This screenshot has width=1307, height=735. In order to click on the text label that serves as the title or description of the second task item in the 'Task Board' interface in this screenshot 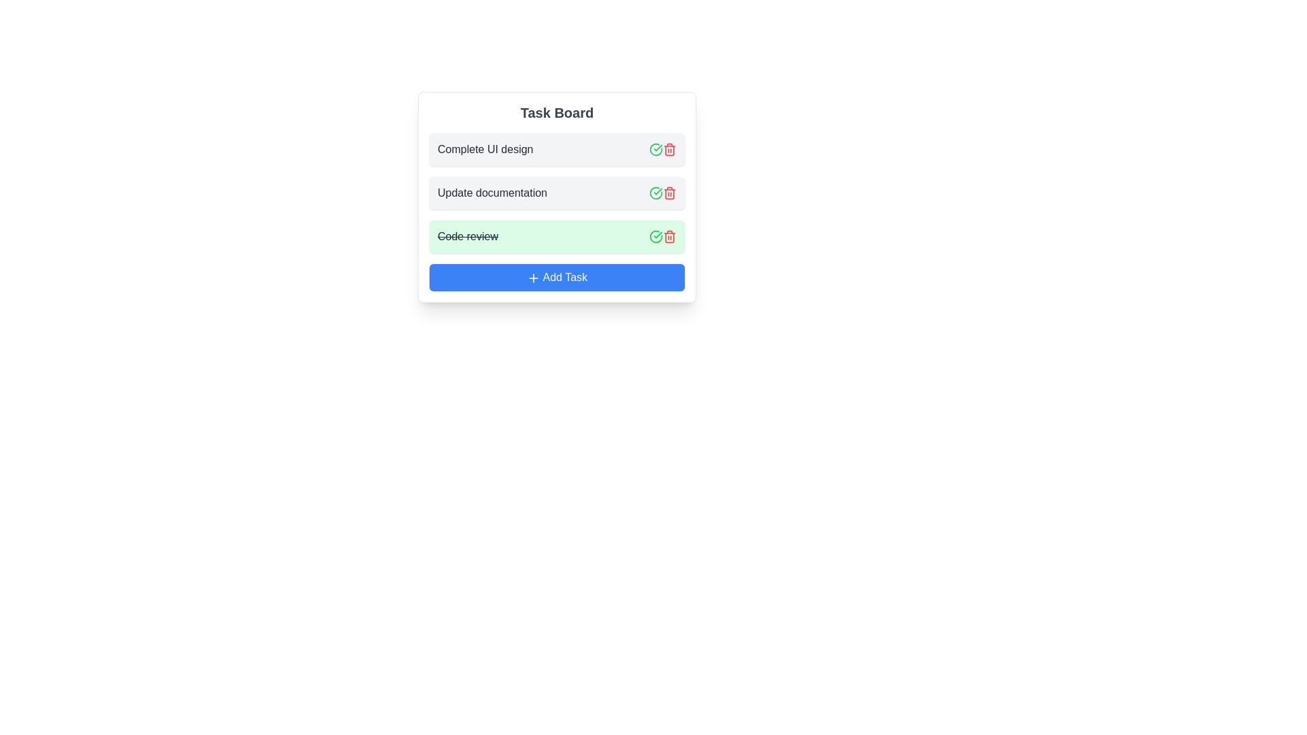, I will do `click(543, 193)`.